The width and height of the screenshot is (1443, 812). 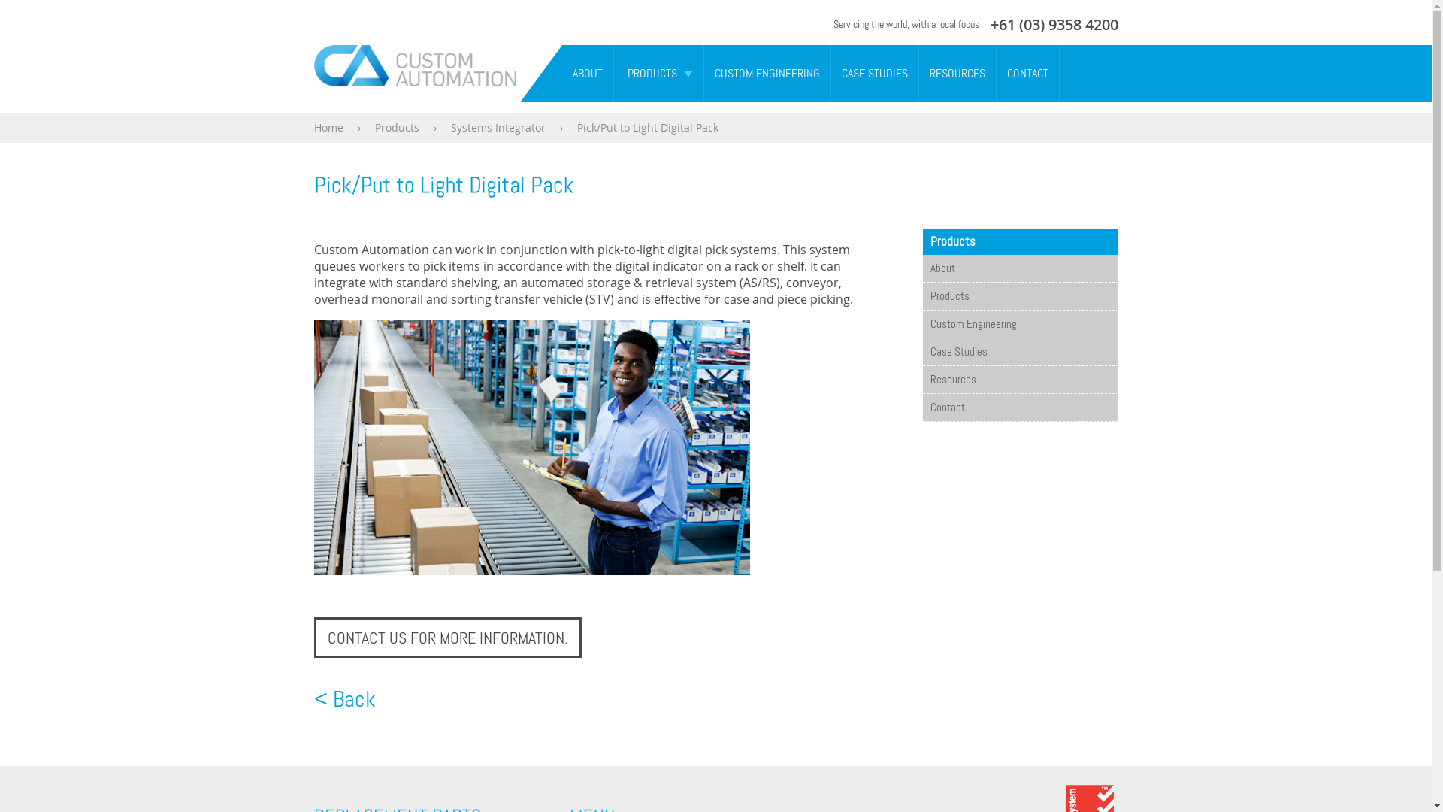 What do you see at coordinates (922, 408) in the screenshot?
I see `'Contact'` at bounding box center [922, 408].